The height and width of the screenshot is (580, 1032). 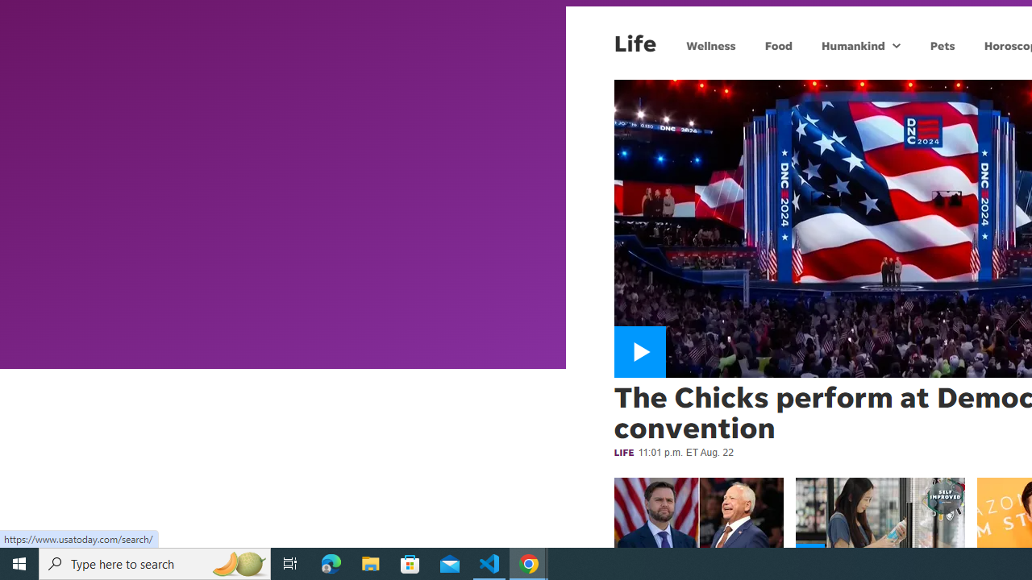 I want to click on 'Pets', so click(x=942, y=44).